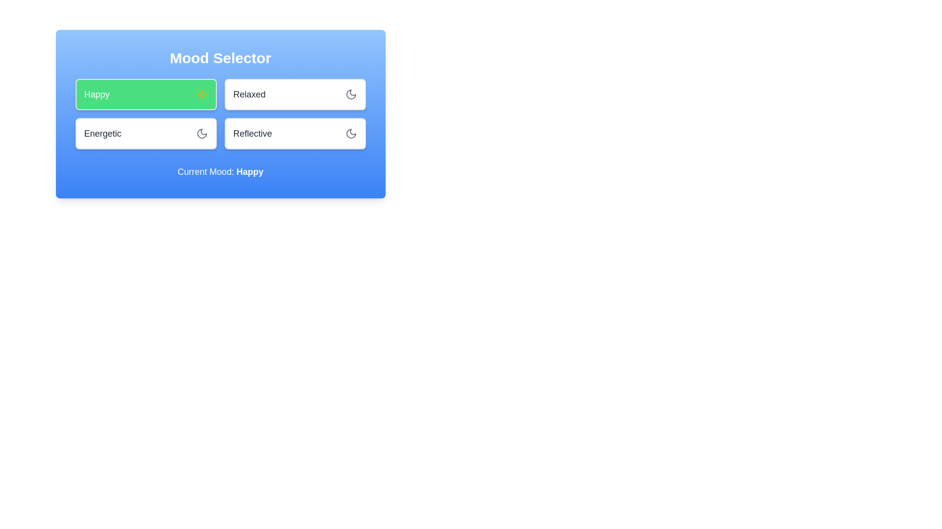 The width and height of the screenshot is (942, 529). Describe the element at coordinates (351, 94) in the screenshot. I see `the icon representing the mood Relaxed` at that location.